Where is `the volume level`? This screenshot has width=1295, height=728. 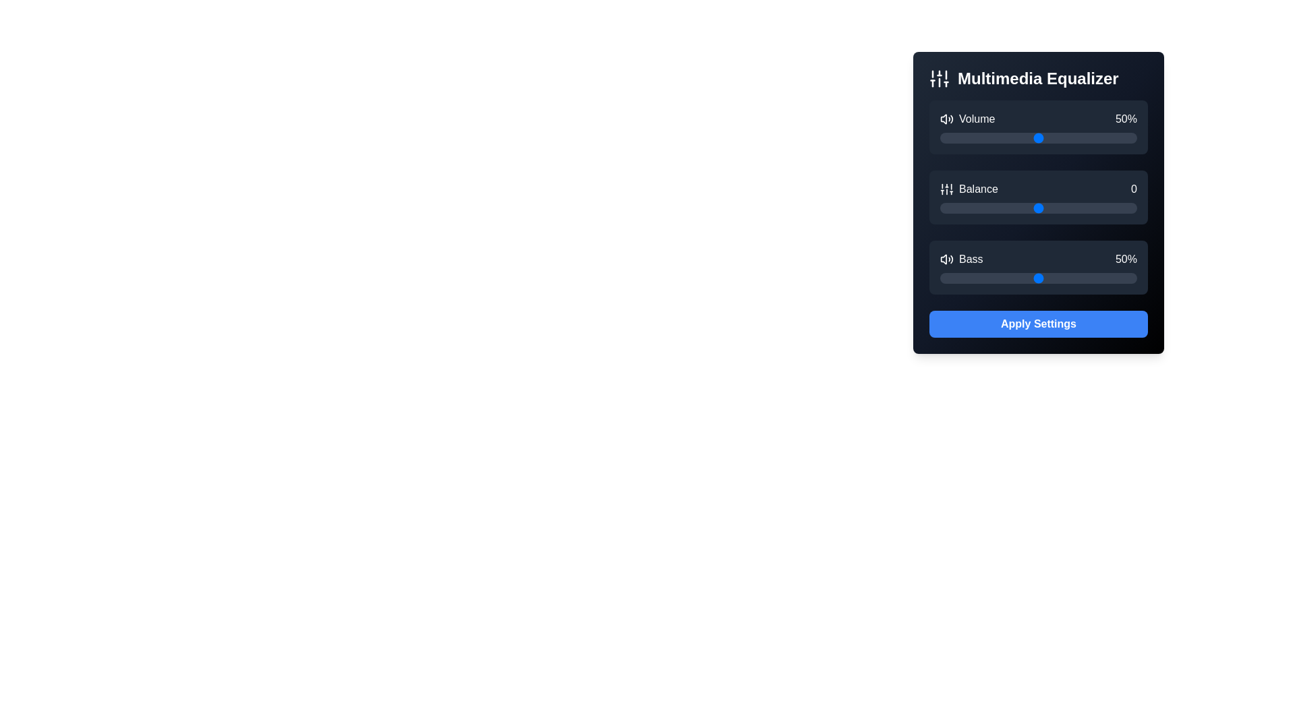 the volume level is located at coordinates (1110, 138).